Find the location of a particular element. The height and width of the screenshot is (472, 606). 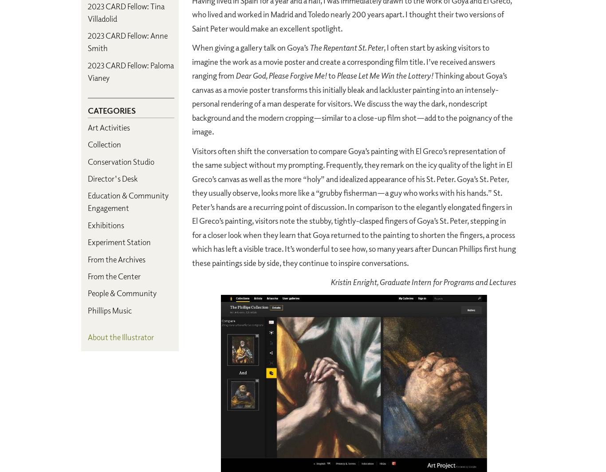

'About the Illustrator' is located at coordinates (121, 336).